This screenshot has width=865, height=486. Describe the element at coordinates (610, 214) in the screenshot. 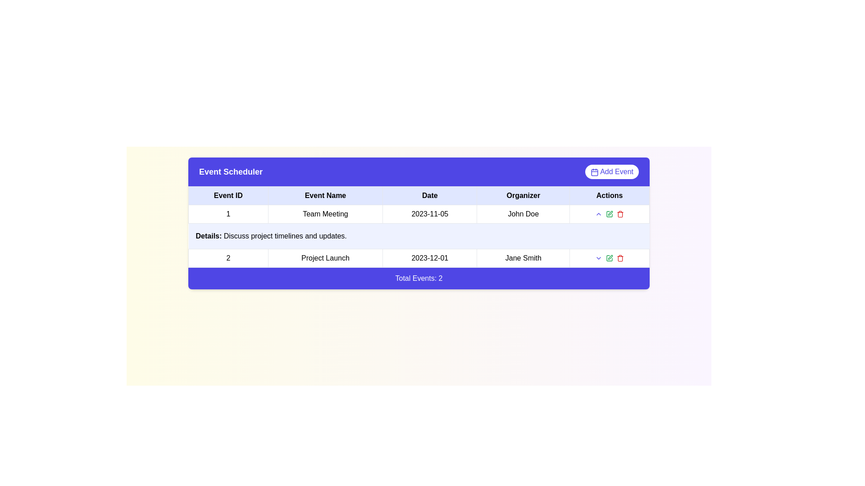

I see `the second green 'edit' button in the 'Actions' column of the 'Project Launch' event to modify the event's details` at that location.